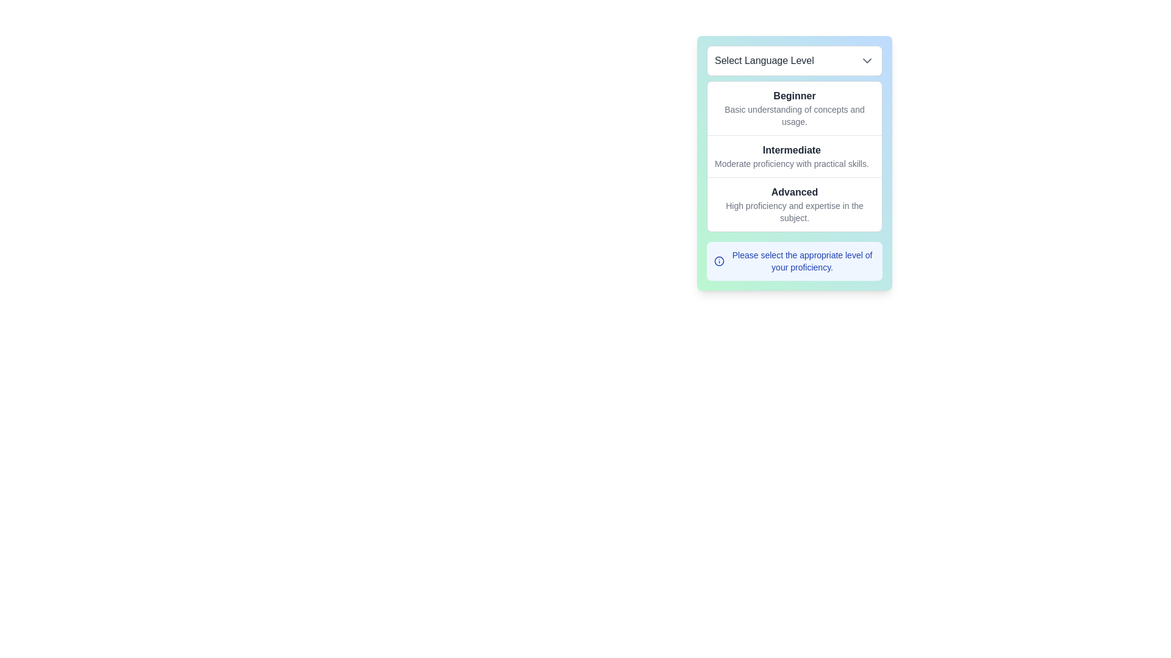 This screenshot has height=658, width=1171. I want to click on the option list titled 'Select Language Level' that contains language proficiency levels: Beginner, Intermediate, and Advanced, which is represented by a white box with rounded corners and gray dividers, so click(794, 156).